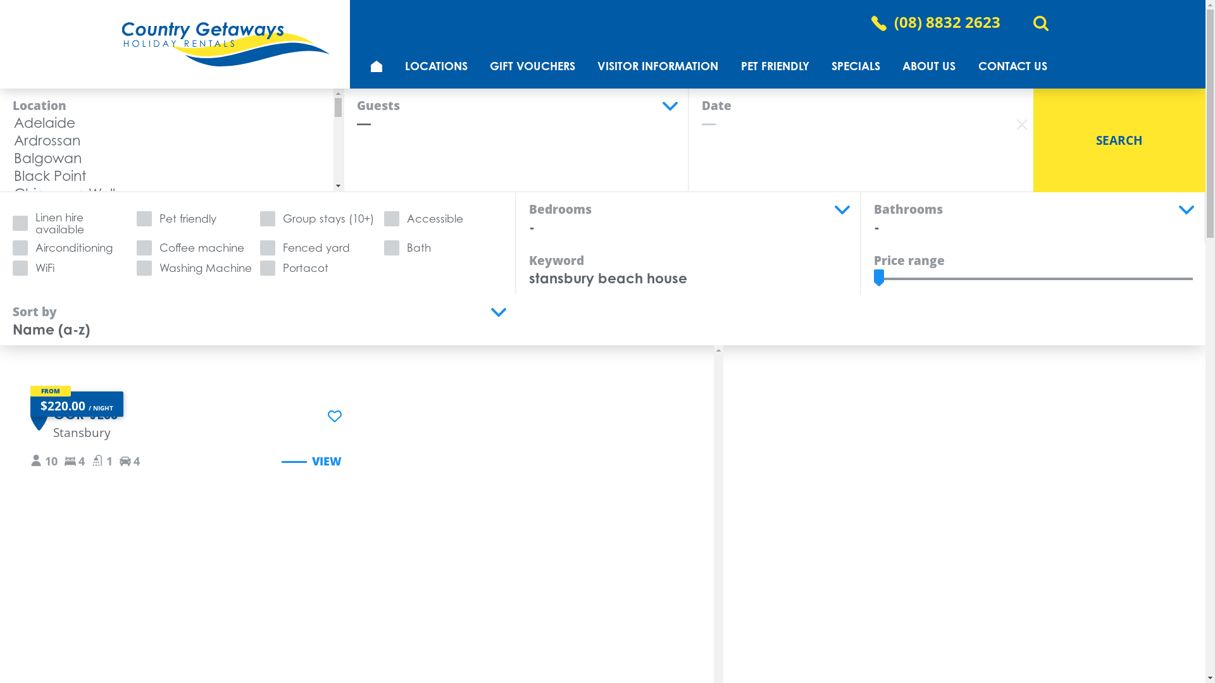 This screenshot has height=683, width=1215. I want to click on 'ABOUT US', so click(929, 66).